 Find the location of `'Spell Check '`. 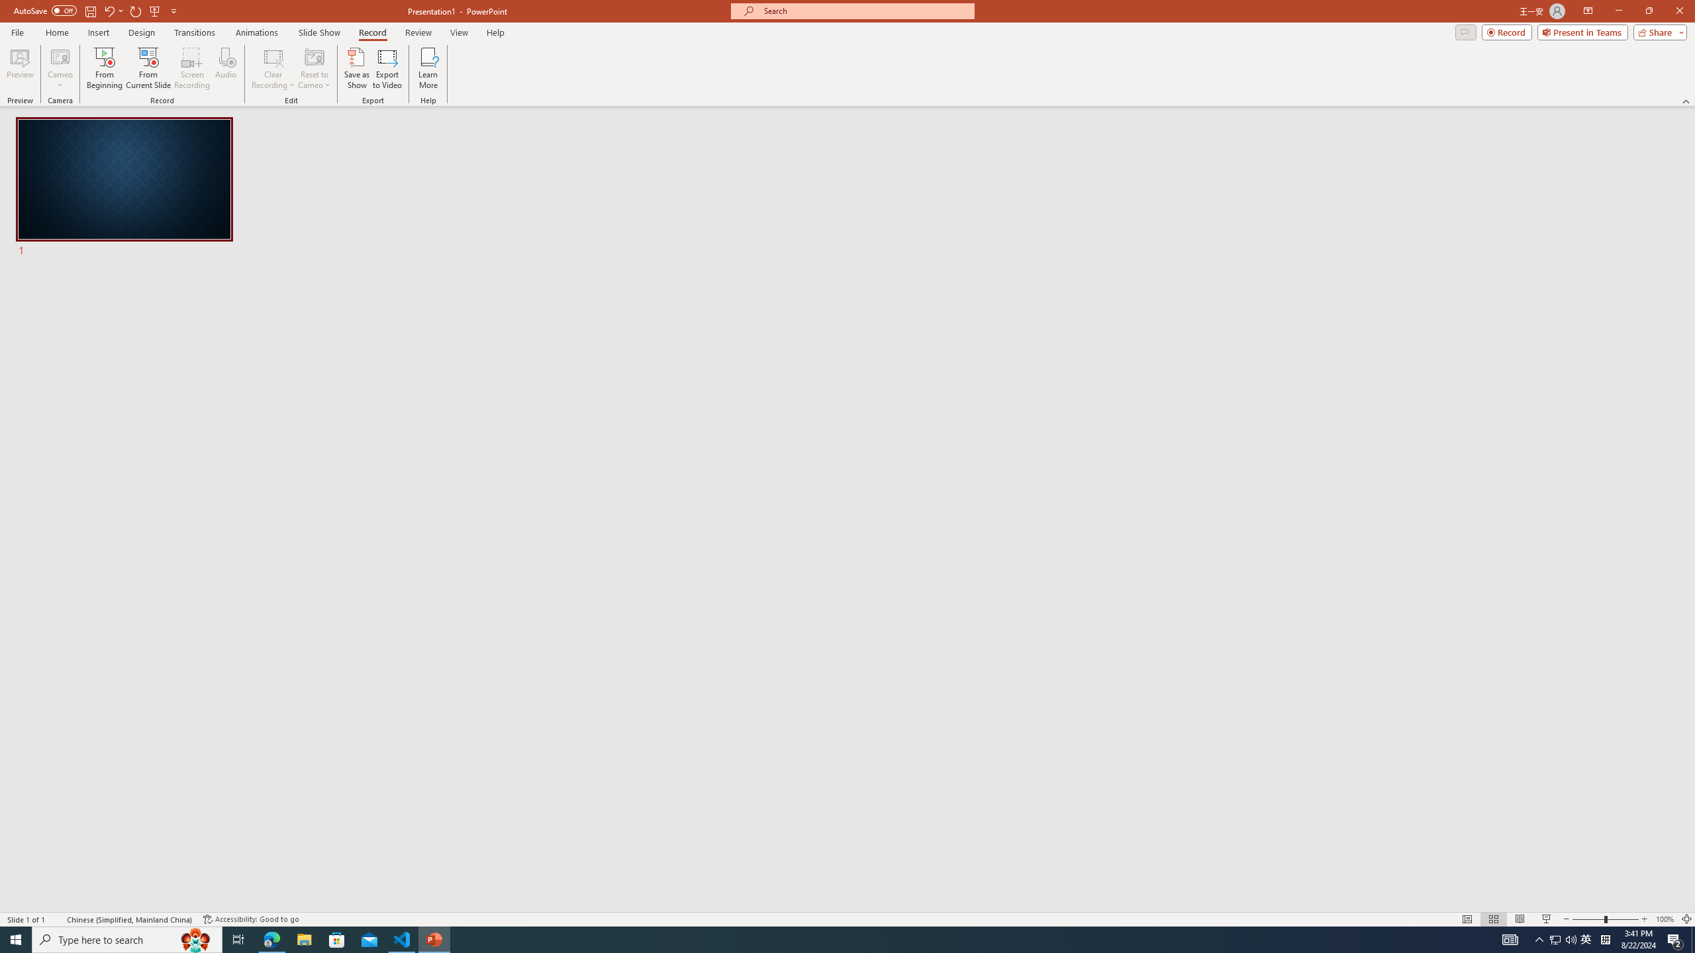

'Spell Check ' is located at coordinates (57, 919).